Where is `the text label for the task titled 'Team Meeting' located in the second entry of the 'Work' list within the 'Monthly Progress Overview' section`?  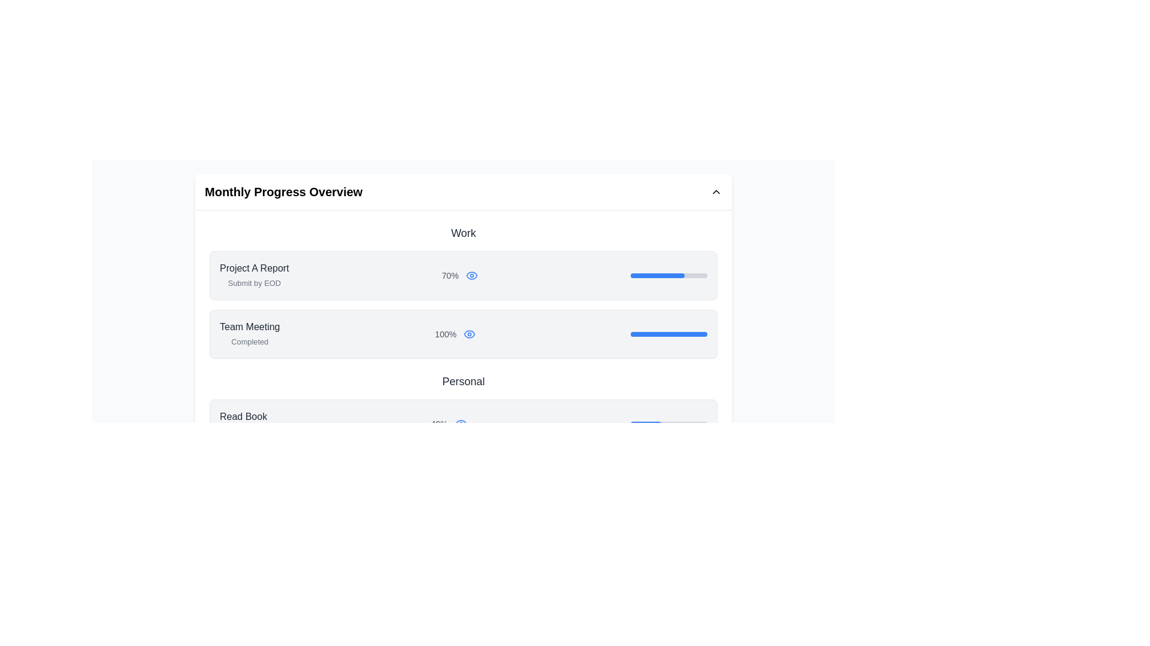
the text label for the task titled 'Team Meeting' located in the second entry of the 'Work' list within the 'Monthly Progress Overview' section is located at coordinates (249, 327).